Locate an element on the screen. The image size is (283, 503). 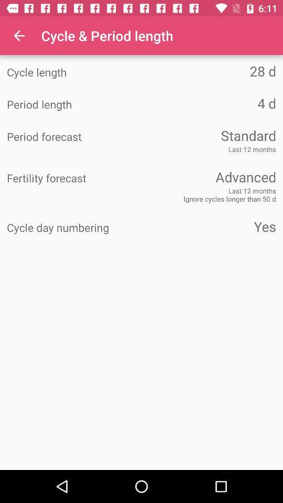
the item next to cycle day numbering item is located at coordinates (209, 226).